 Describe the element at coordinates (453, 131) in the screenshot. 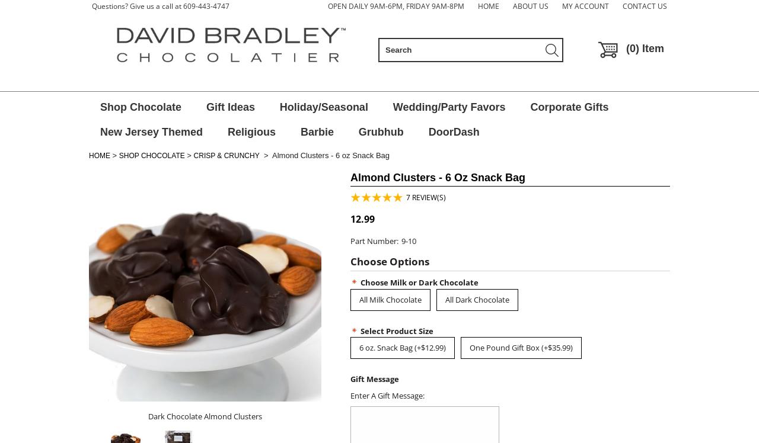

I see `'DoorDash'` at that location.